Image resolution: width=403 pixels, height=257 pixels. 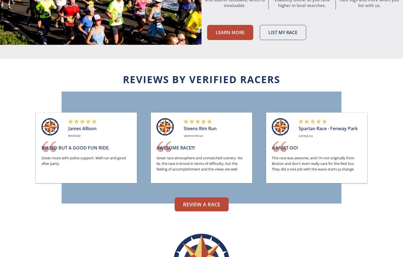 What do you see at coordinates (283, 32) in the screenshot?
I see `'LIST MY RACE'` at bounding box center [283, 32].